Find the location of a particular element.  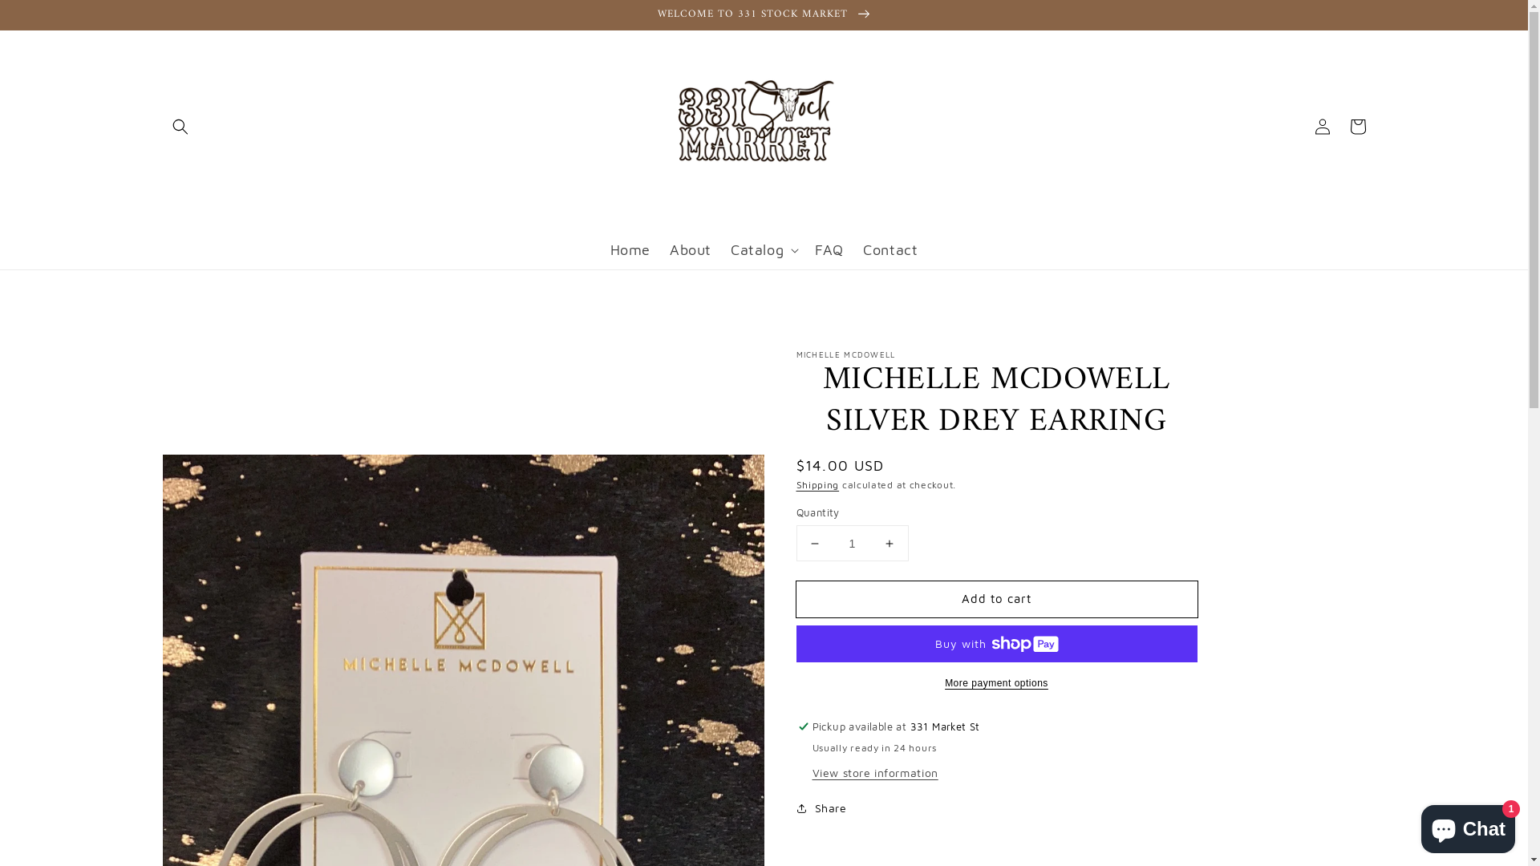

'Increase quantity for MICHELLE MCDOWELL SILVER DREY EARRING' is located at coordinates (888, 542).